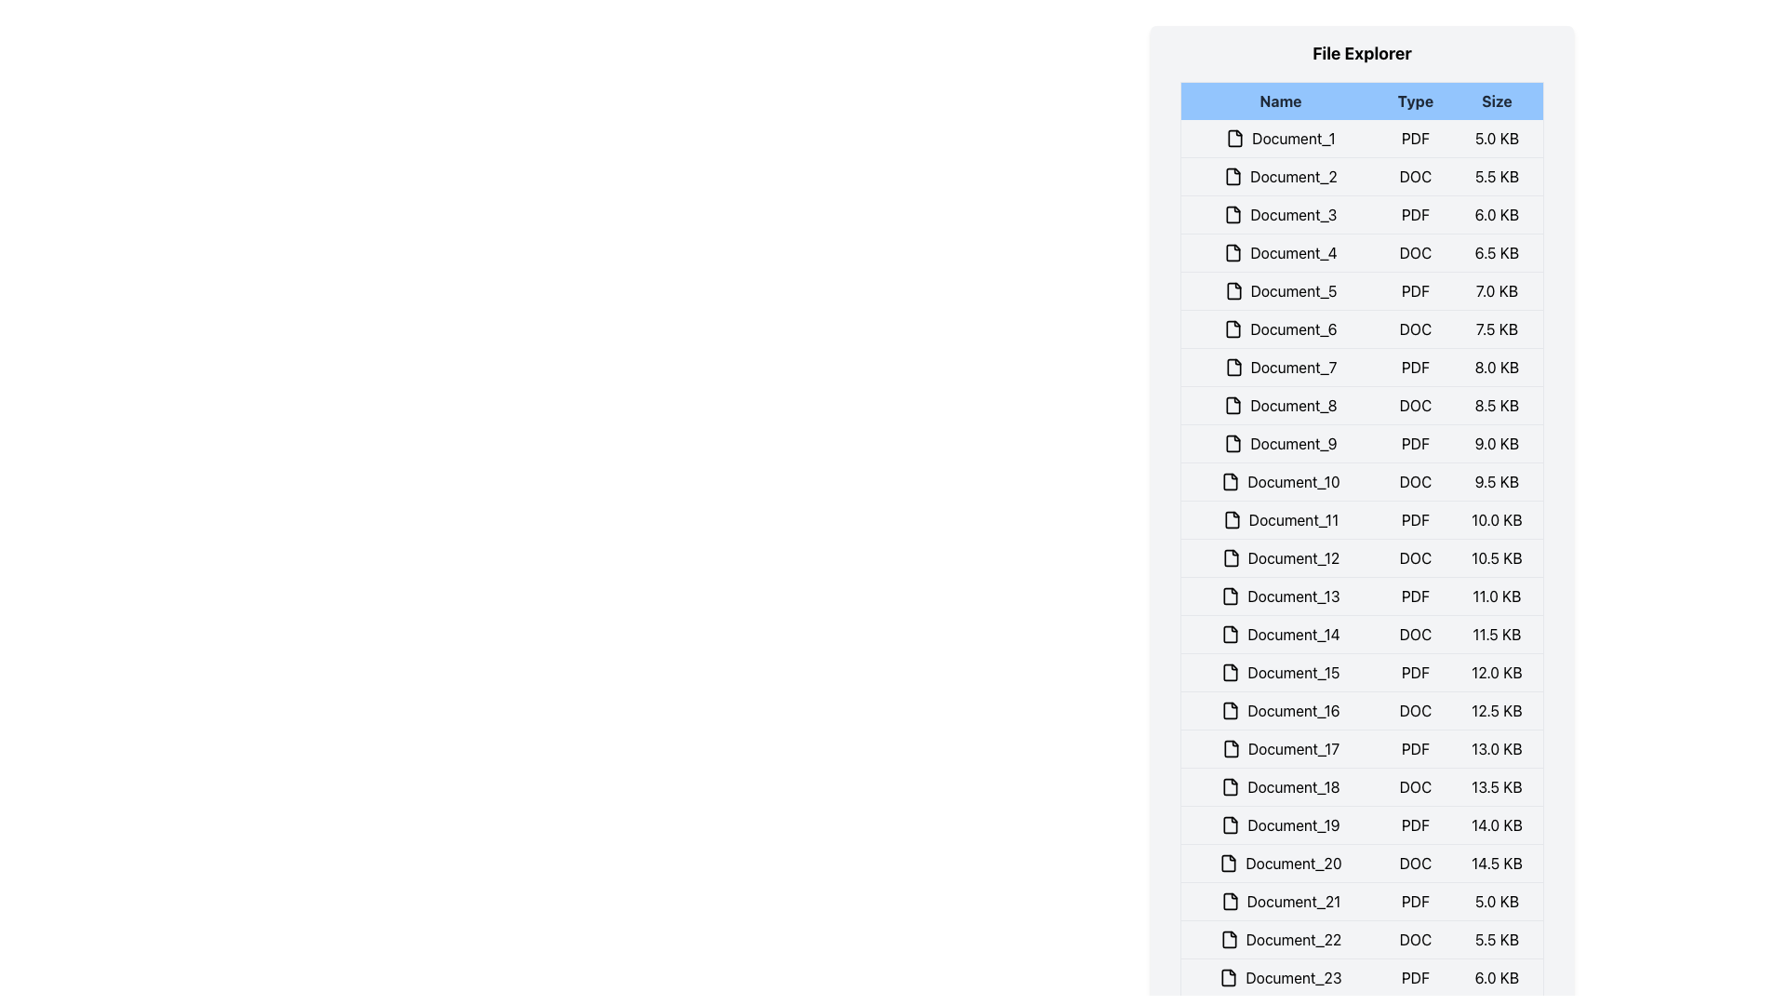  Describe the element at coordinates (1280, 864) in the screenshot. I see `the file entry named 'Document_20'` at that location.